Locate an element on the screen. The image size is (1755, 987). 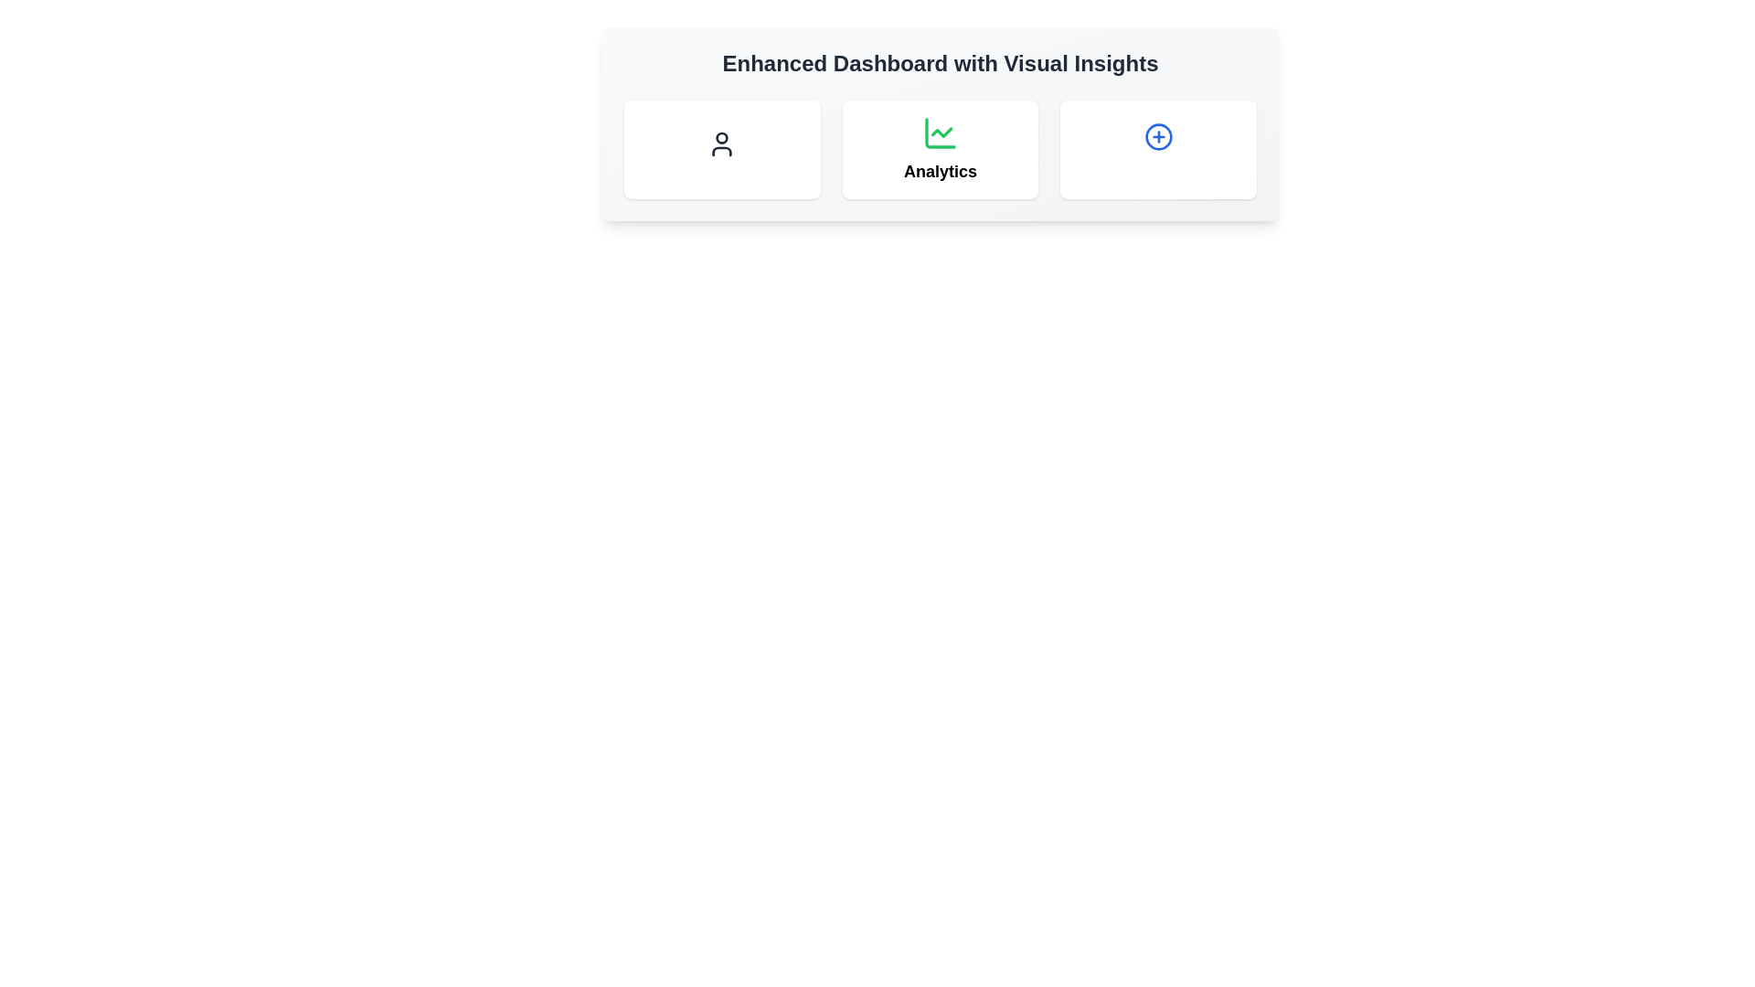
the decorative part of the user icon located at the upper area of the leftmost icon in the three-icon row is located at coordinates (721, 137).